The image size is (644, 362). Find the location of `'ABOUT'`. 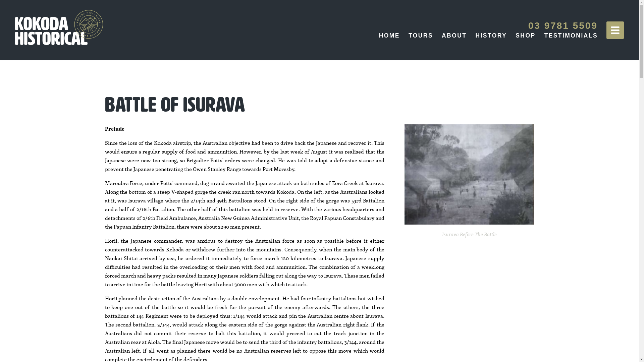

'ABOUT' is located at coordinates (454, 35).